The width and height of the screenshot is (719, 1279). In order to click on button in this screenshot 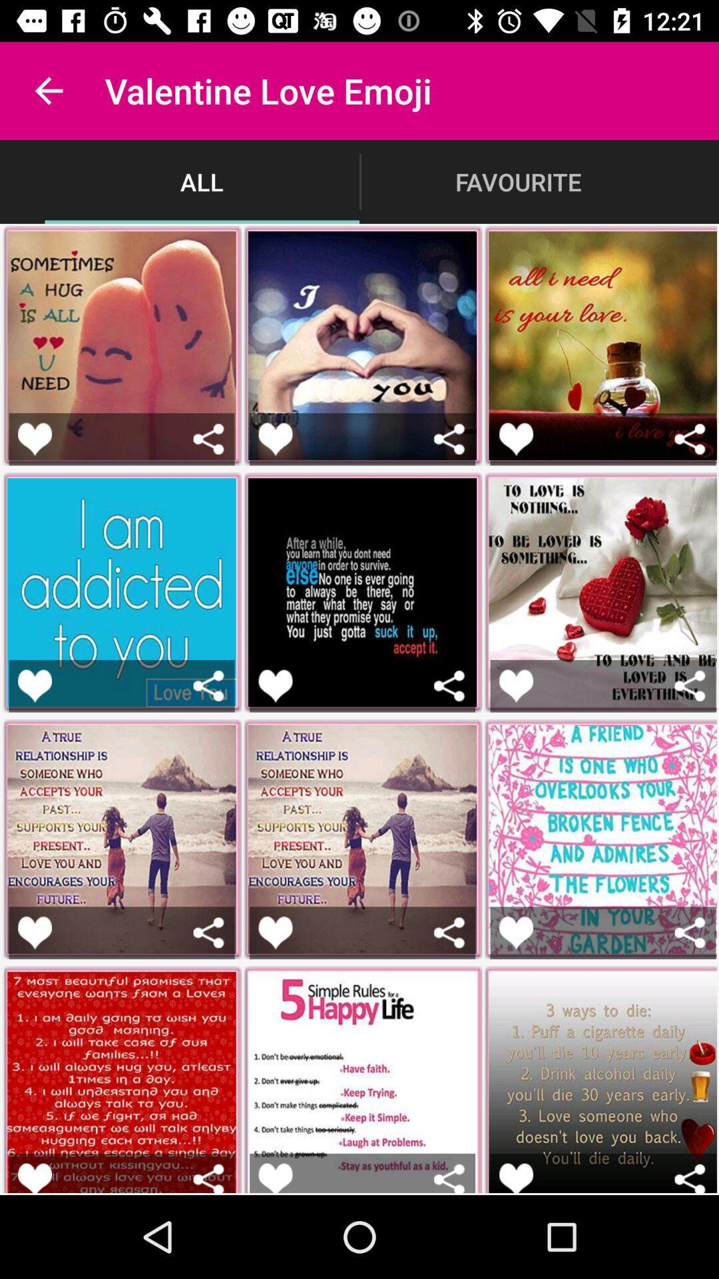, I will do `click(34, 932)`.